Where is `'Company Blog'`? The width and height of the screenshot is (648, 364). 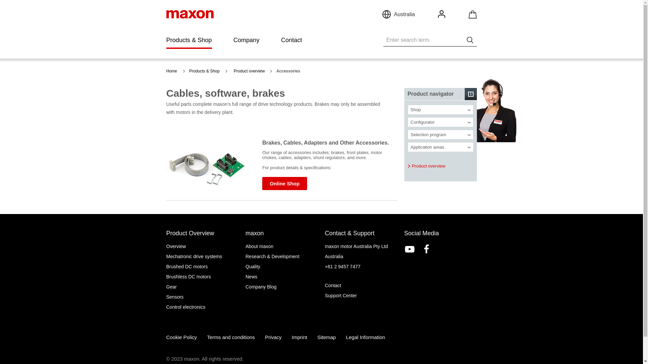 'Company Blog' is located at coordinates (282, 287).